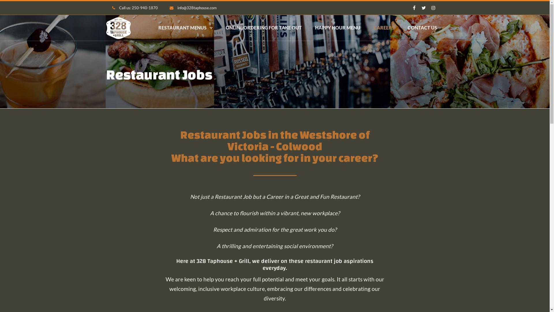 This screenshot has width=554, height=312. What do you see at coordinates (185, 28) in the screenshot?
I see `'RESTAURANT MENUS'` at bounding box center [185, 28].